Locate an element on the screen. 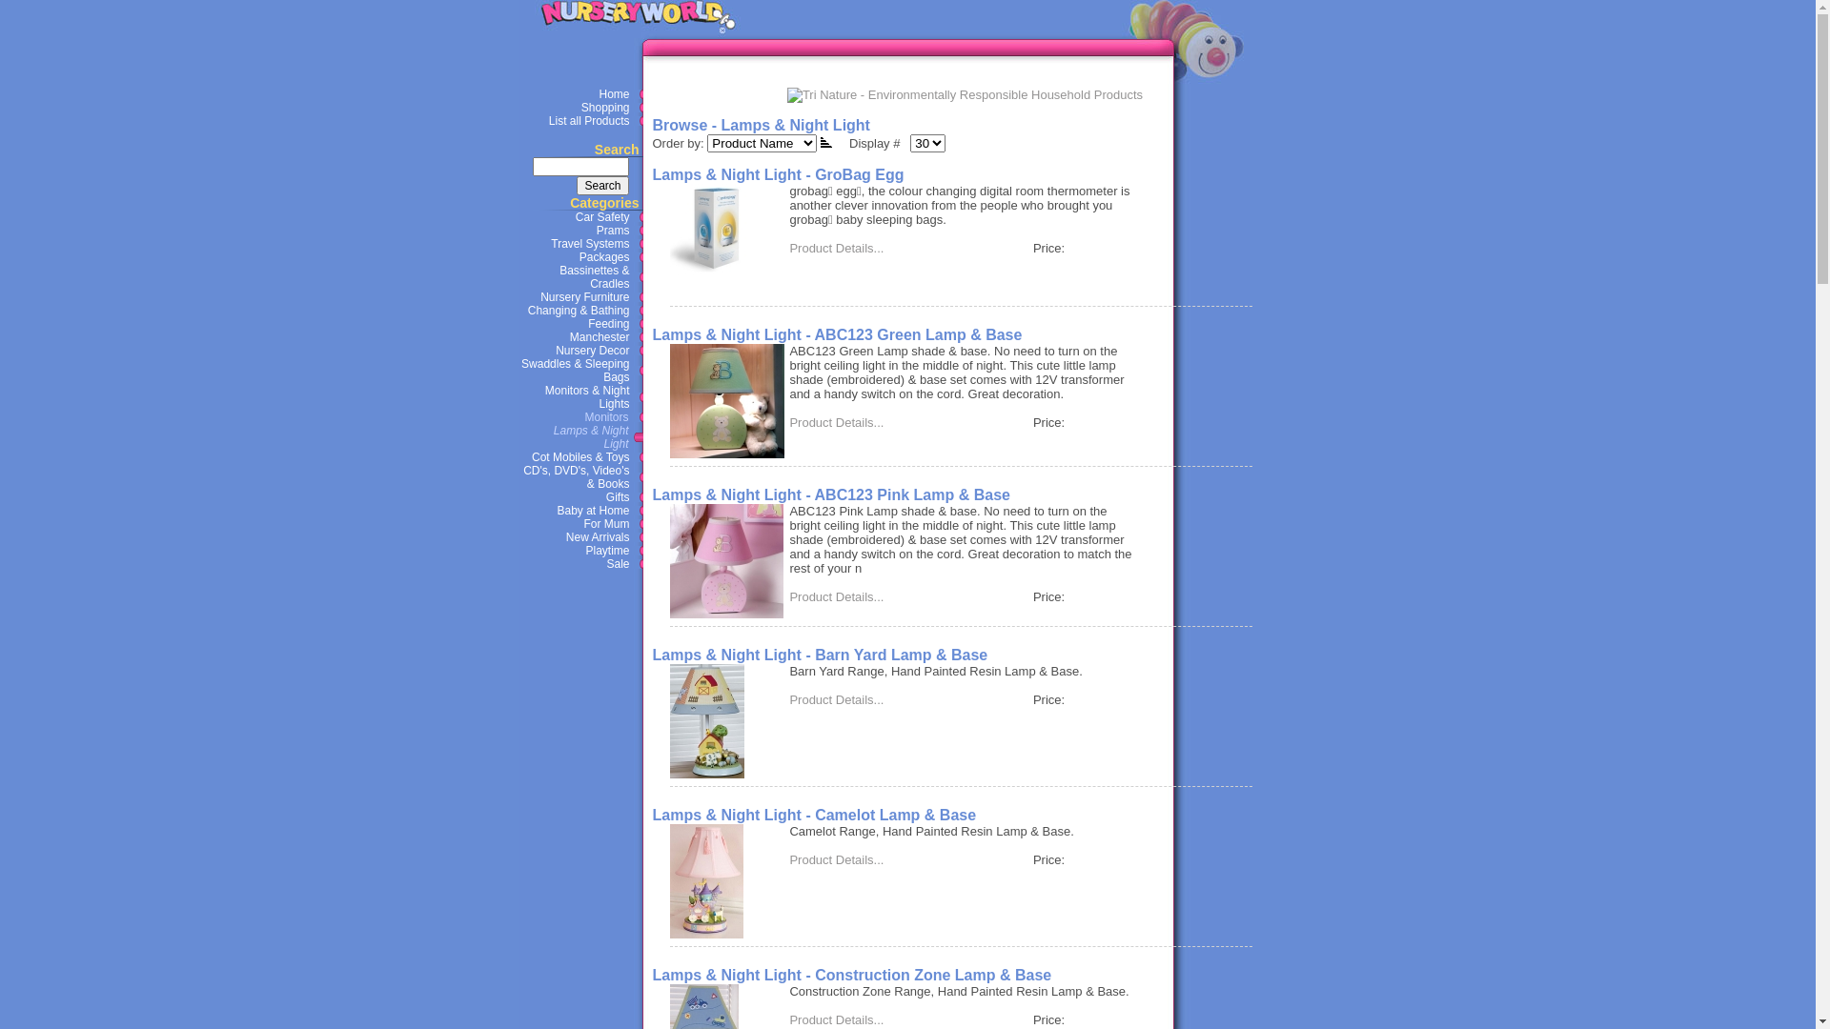  'For Mum' is located at coordinates (579, 524).